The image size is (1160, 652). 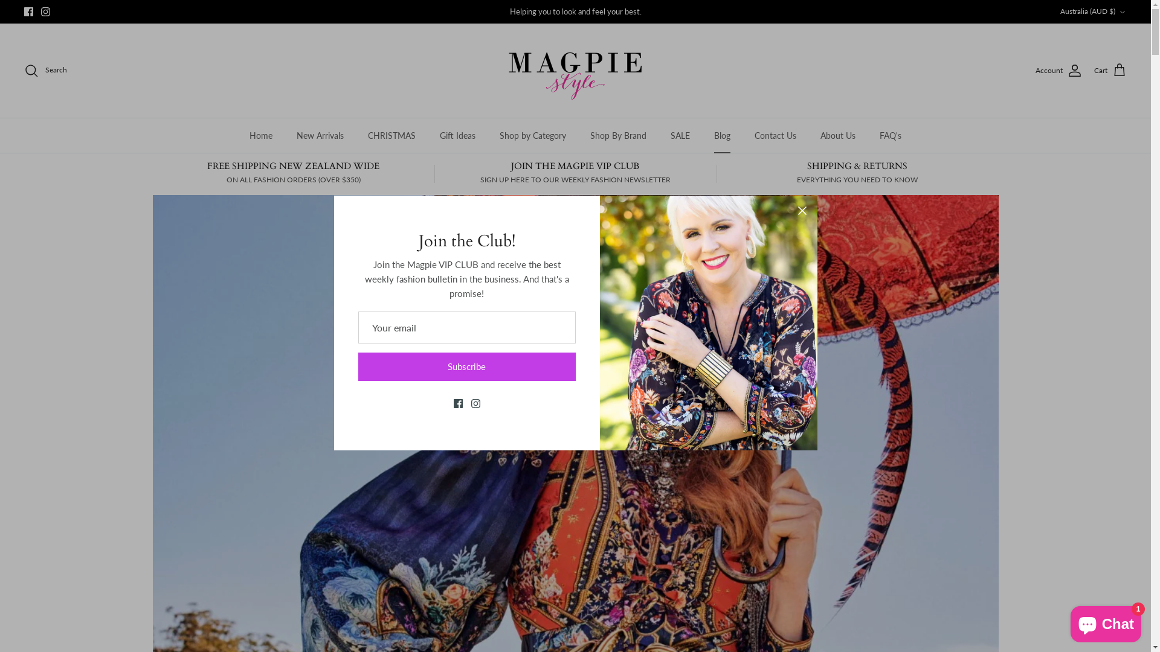 I want to click on 'SALE', so click(x=680, y=135).